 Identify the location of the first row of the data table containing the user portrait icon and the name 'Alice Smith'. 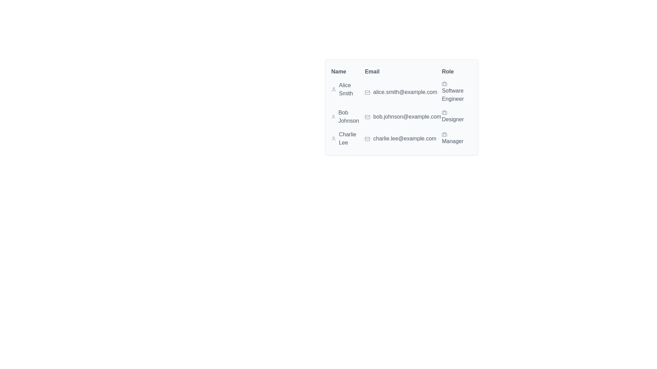
(402, 92).